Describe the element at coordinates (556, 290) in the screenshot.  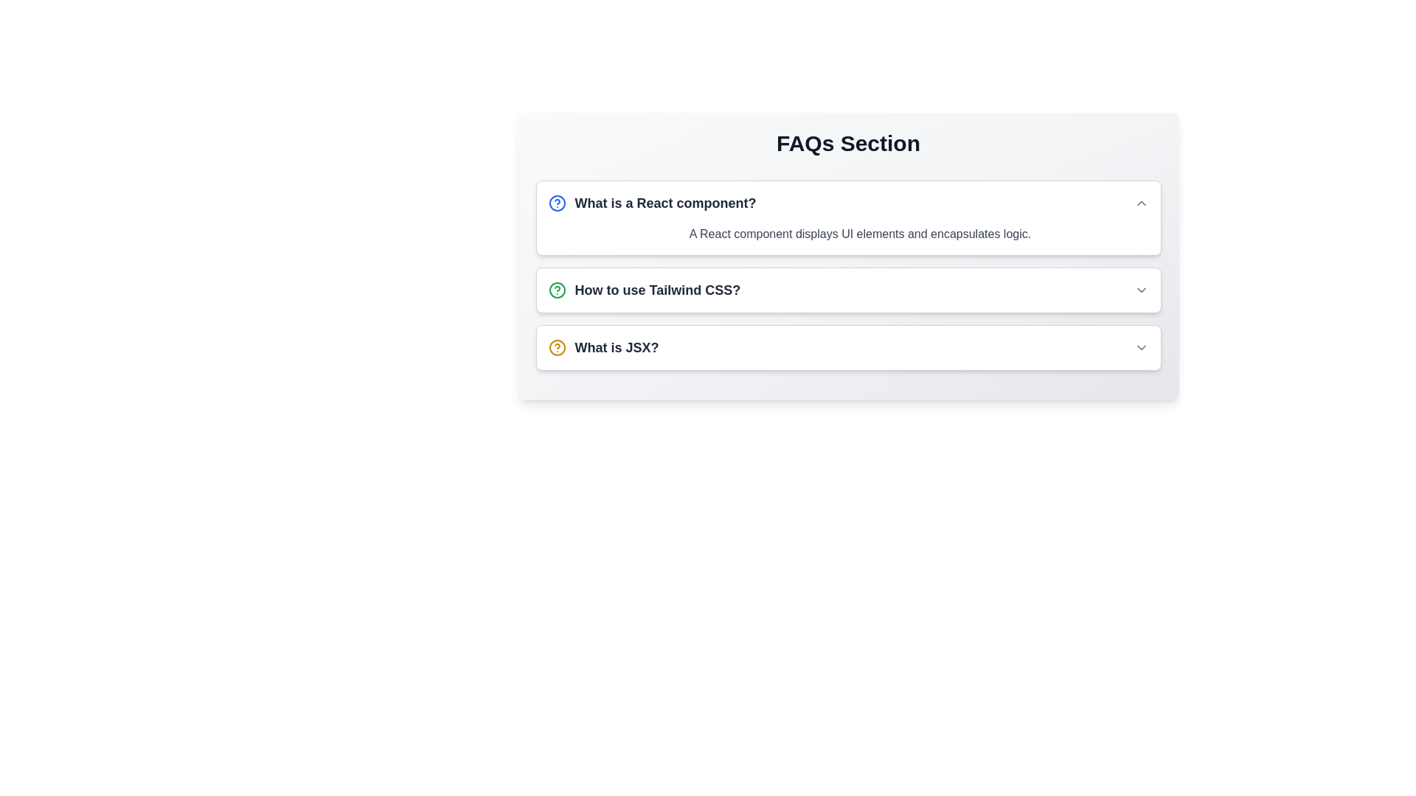
I see `the informational icon next to the FAQ question 'How to use Tailwind CSS?' for additional interaction` at that location.